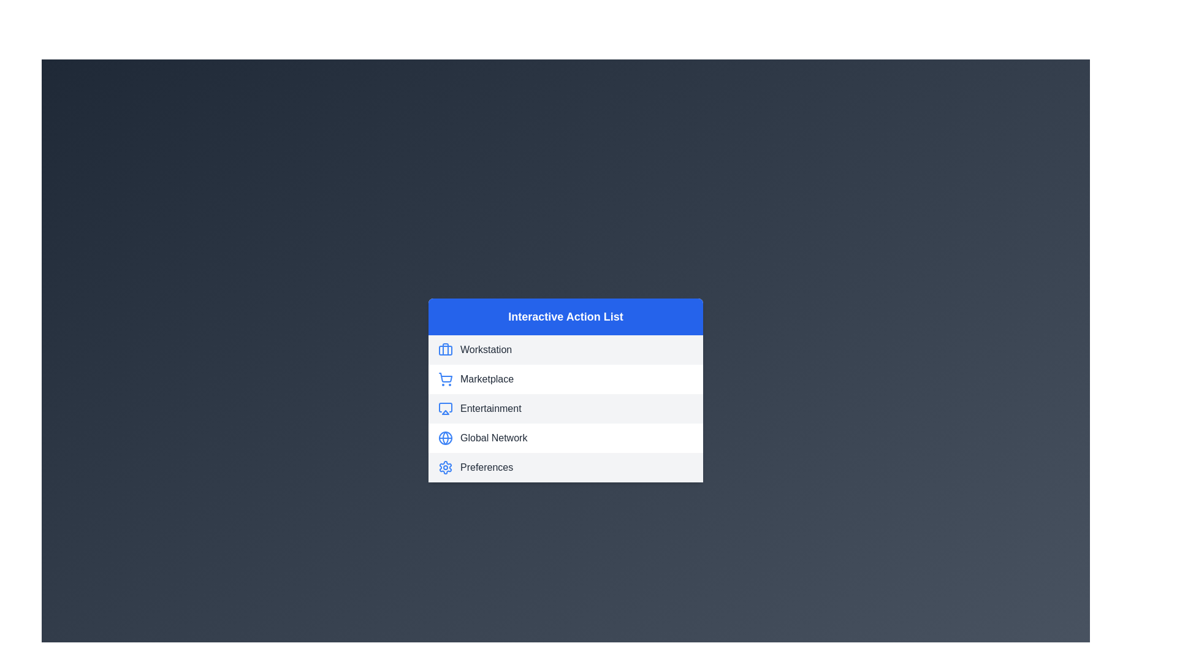  I want to click on the 'Marketplace' text label, so click(486, 378).